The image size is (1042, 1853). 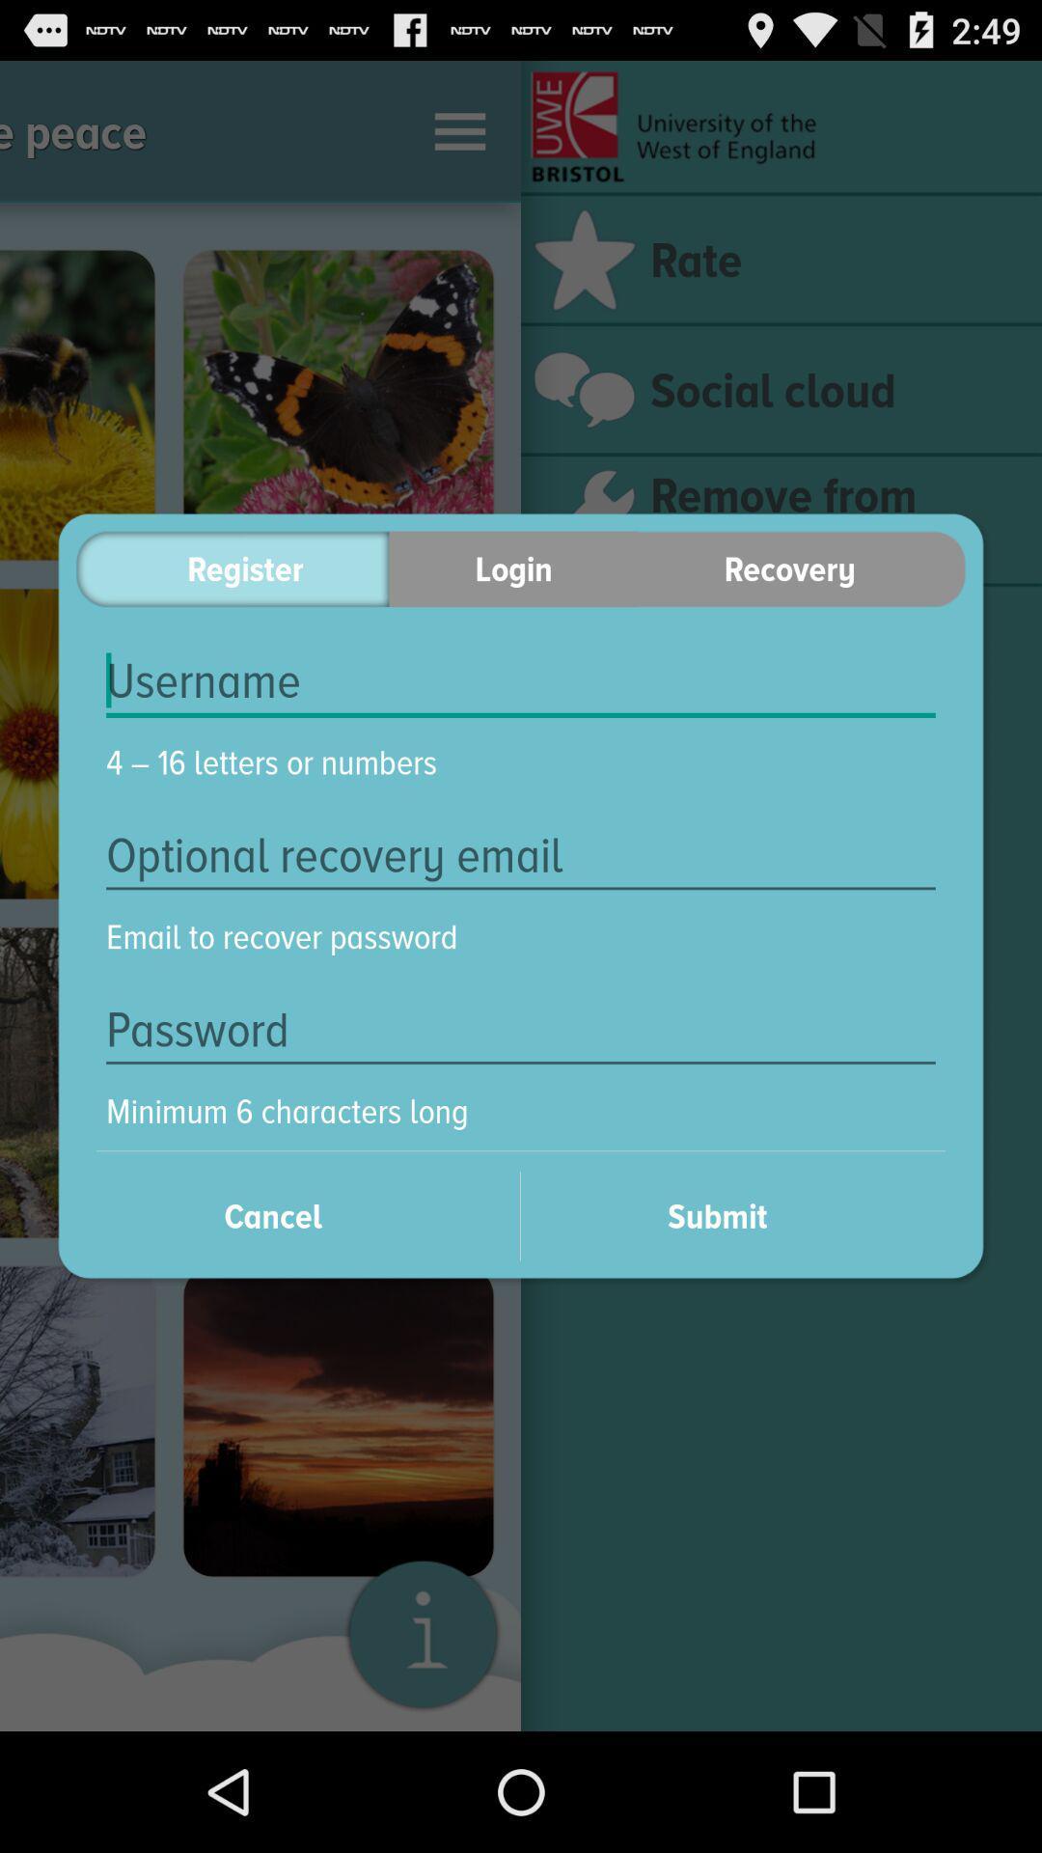 I want to click on recovery, so click(x=802, y=567).